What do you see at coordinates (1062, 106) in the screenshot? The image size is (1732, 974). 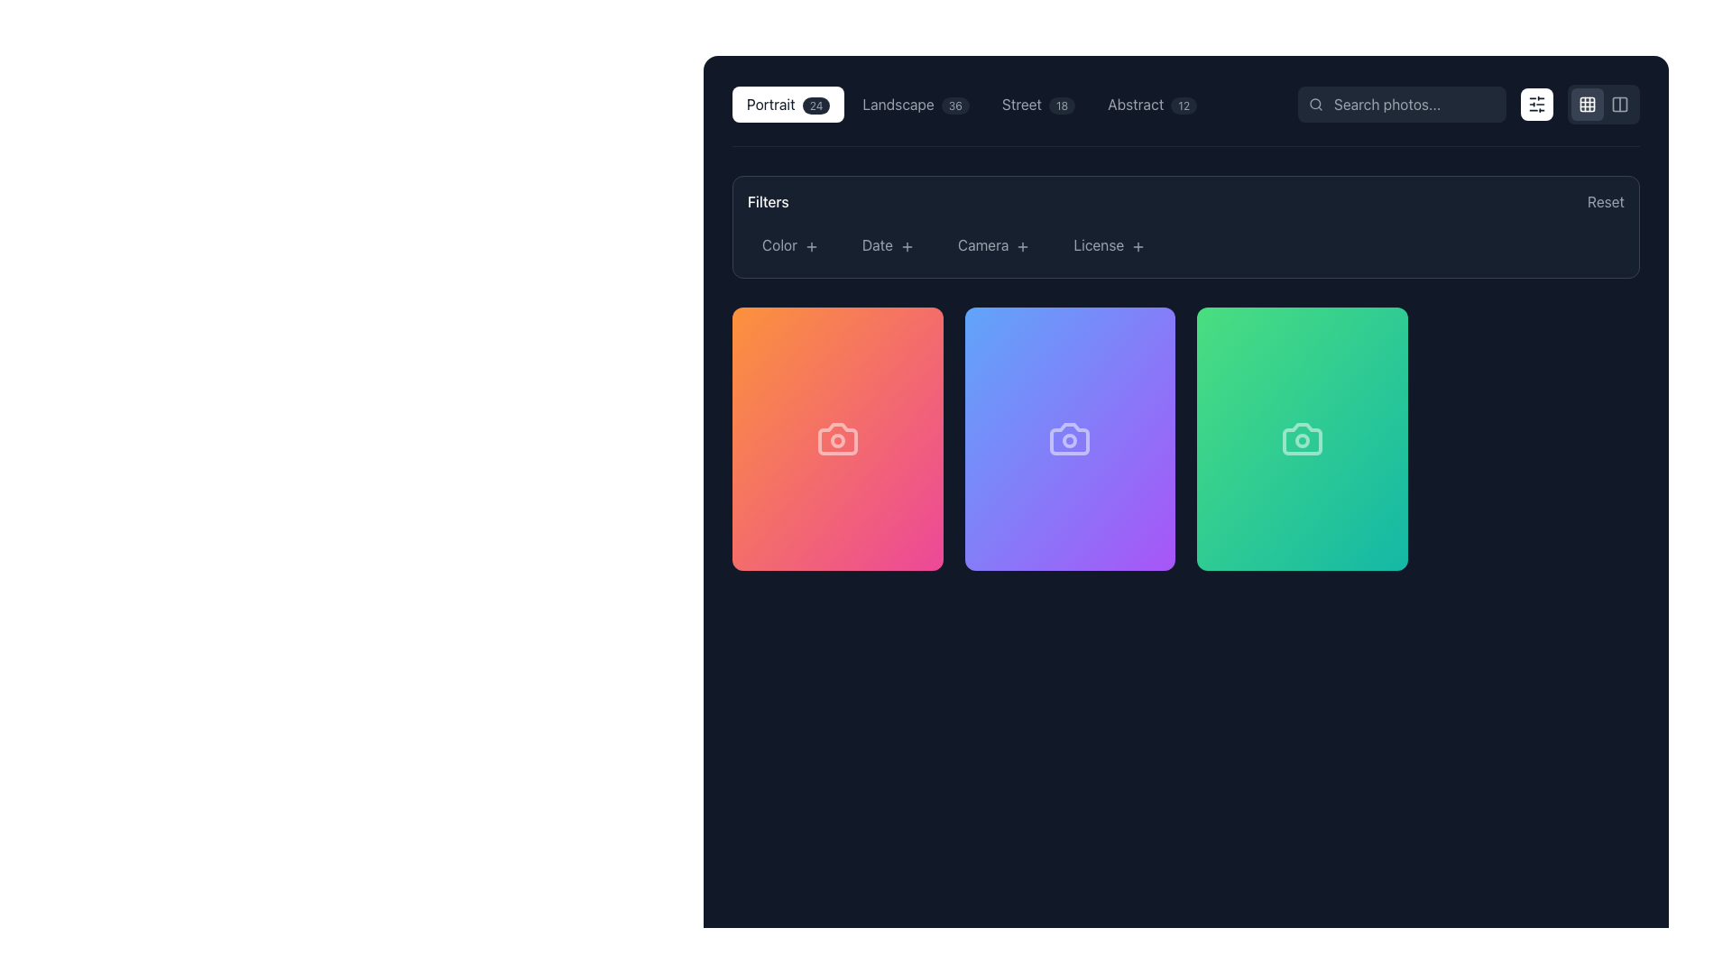 I see `the label or badge displaying additional information related to the 'Street' label, which is located to the right of the word 'Street' in the horizontal toolbar at the top of the interface` at bounding box center [1062, 106].